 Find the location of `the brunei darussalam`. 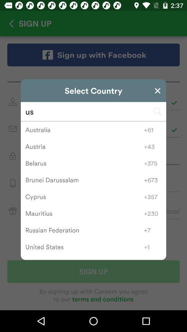

the brunei darussalam is located at coordinates (84, 179).